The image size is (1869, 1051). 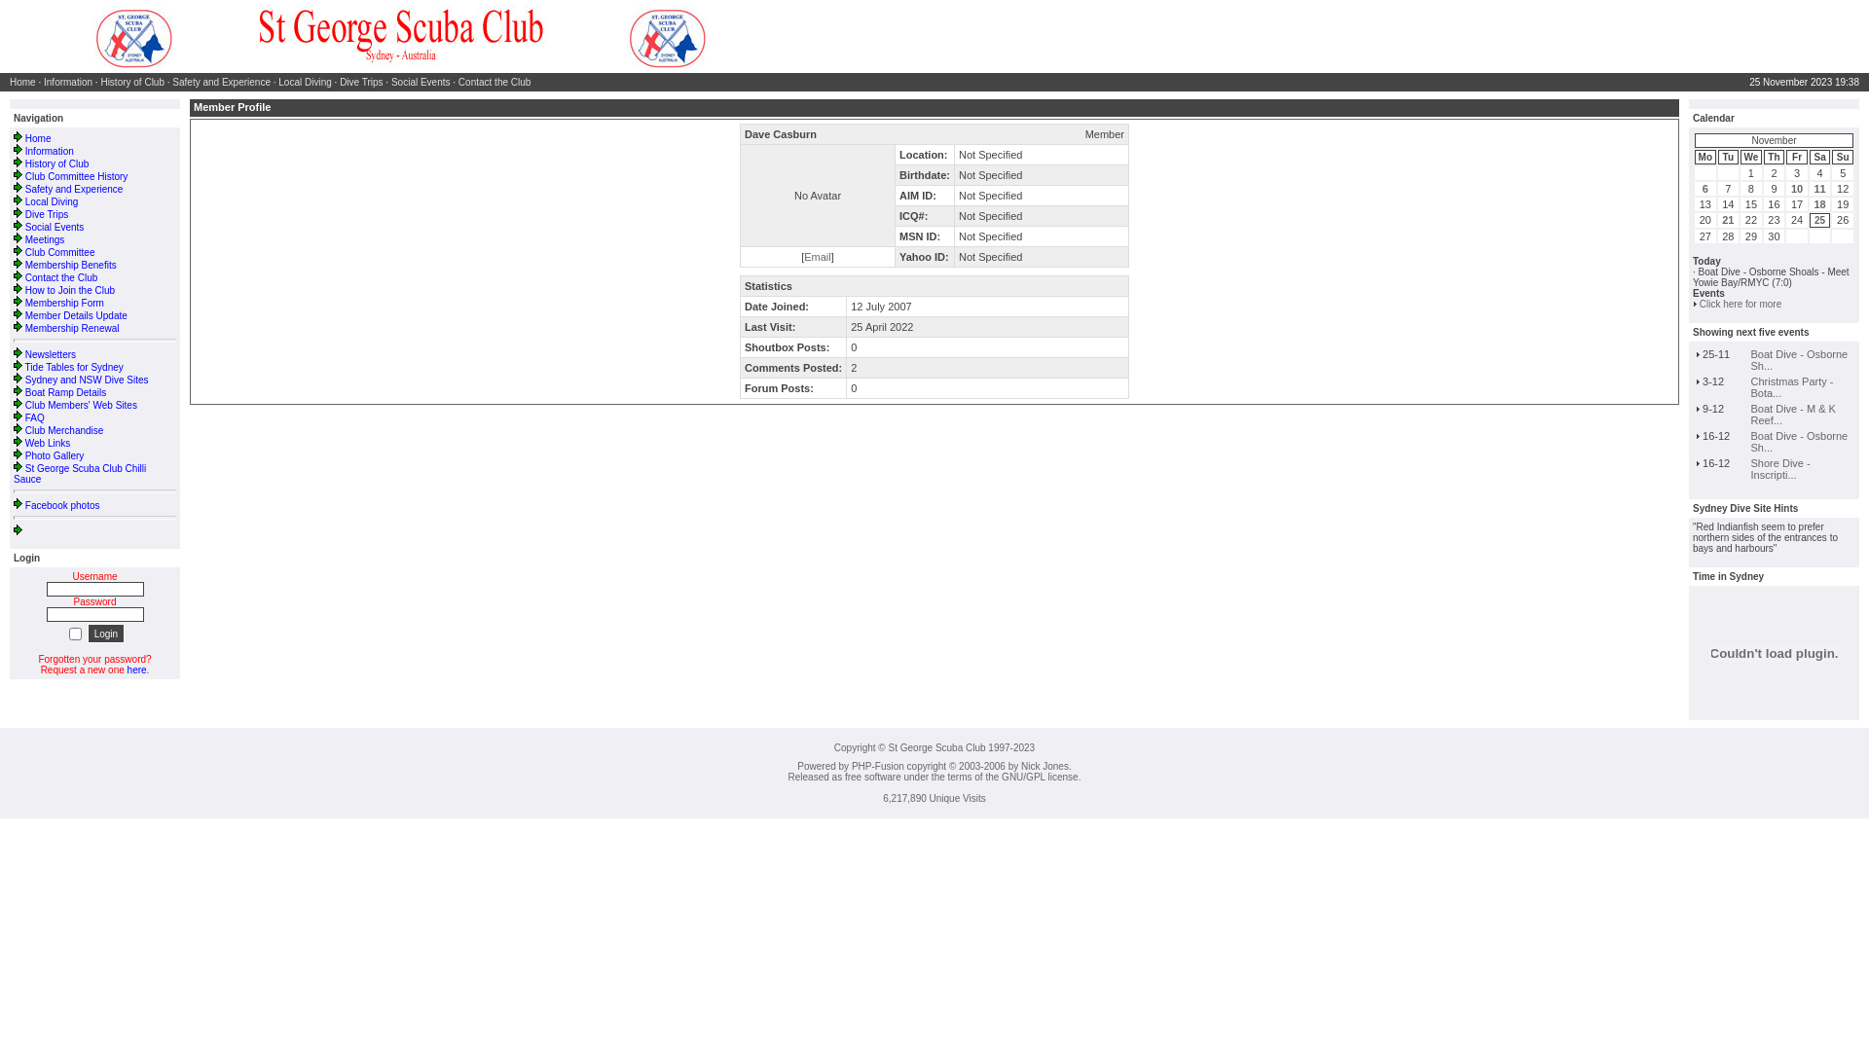 What do you see at coordinates (86, 380) in the screenshot?
I see `'Sydney and NSW Dive Sites'` at bounding box center [86, 380].